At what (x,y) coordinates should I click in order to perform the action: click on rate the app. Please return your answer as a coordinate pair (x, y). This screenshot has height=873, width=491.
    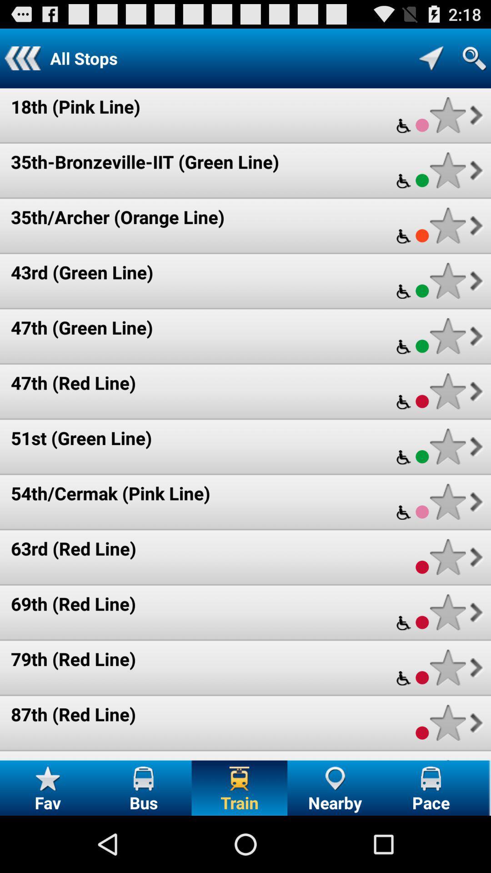
    Looking at the image, I should click on (447, 391).